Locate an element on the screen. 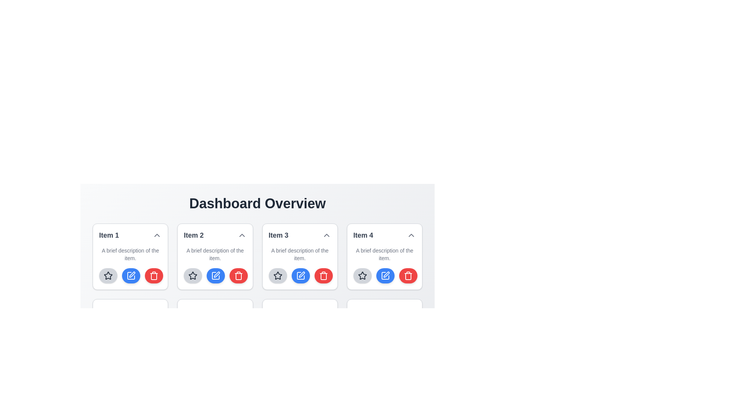 The width and height of the screenshot is (732, 412). the edit button (icon-based) within the 'Item 2' card in the 'Dashboard Overview' is located at coordinates (131, 275).